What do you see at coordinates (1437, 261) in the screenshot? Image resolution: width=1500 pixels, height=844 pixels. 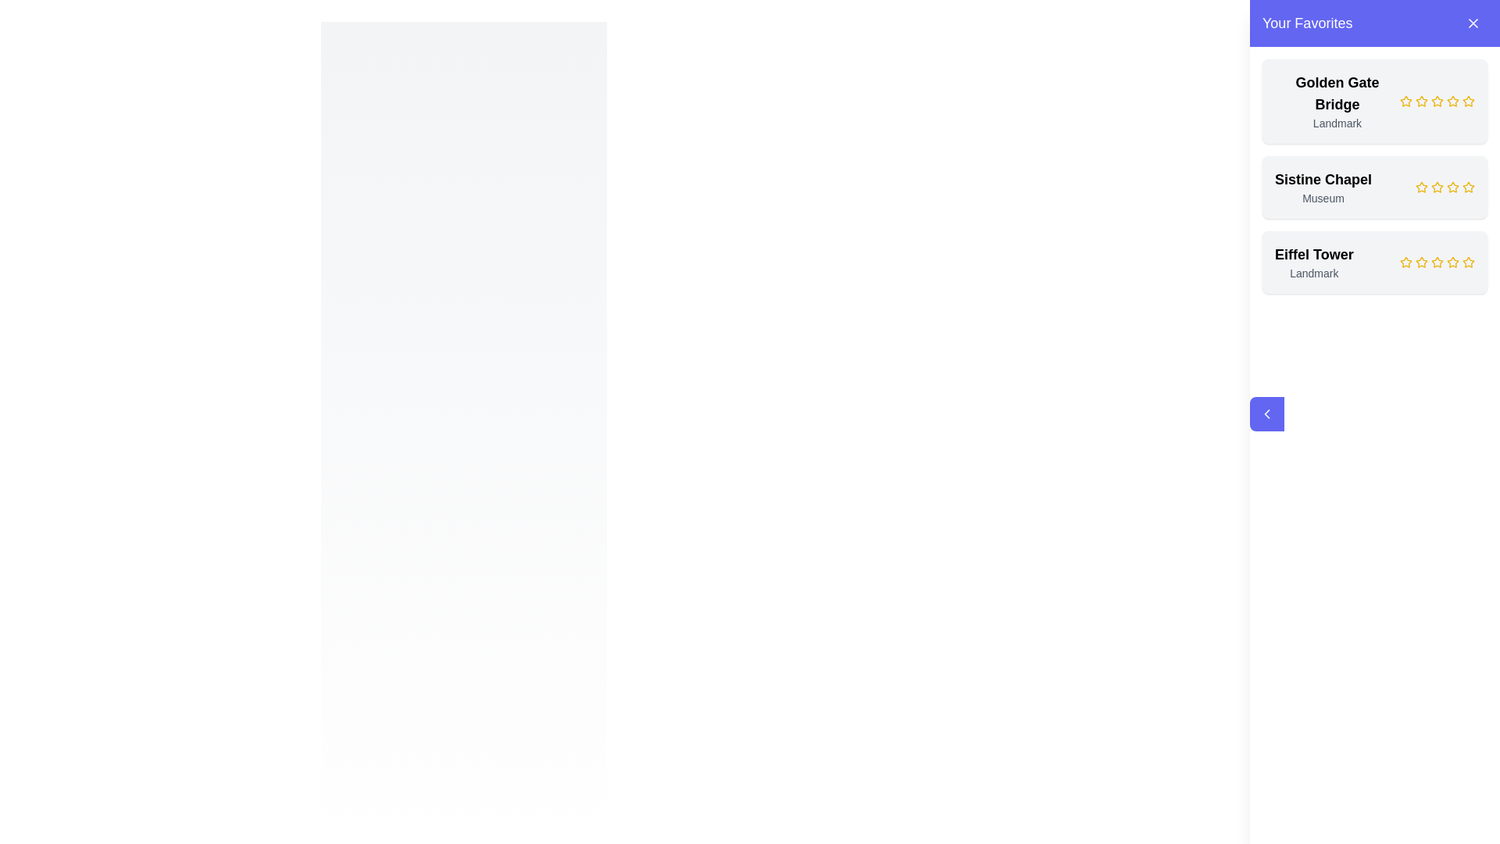 I see `the fourth star icon` at bounding box center [1437, 261].